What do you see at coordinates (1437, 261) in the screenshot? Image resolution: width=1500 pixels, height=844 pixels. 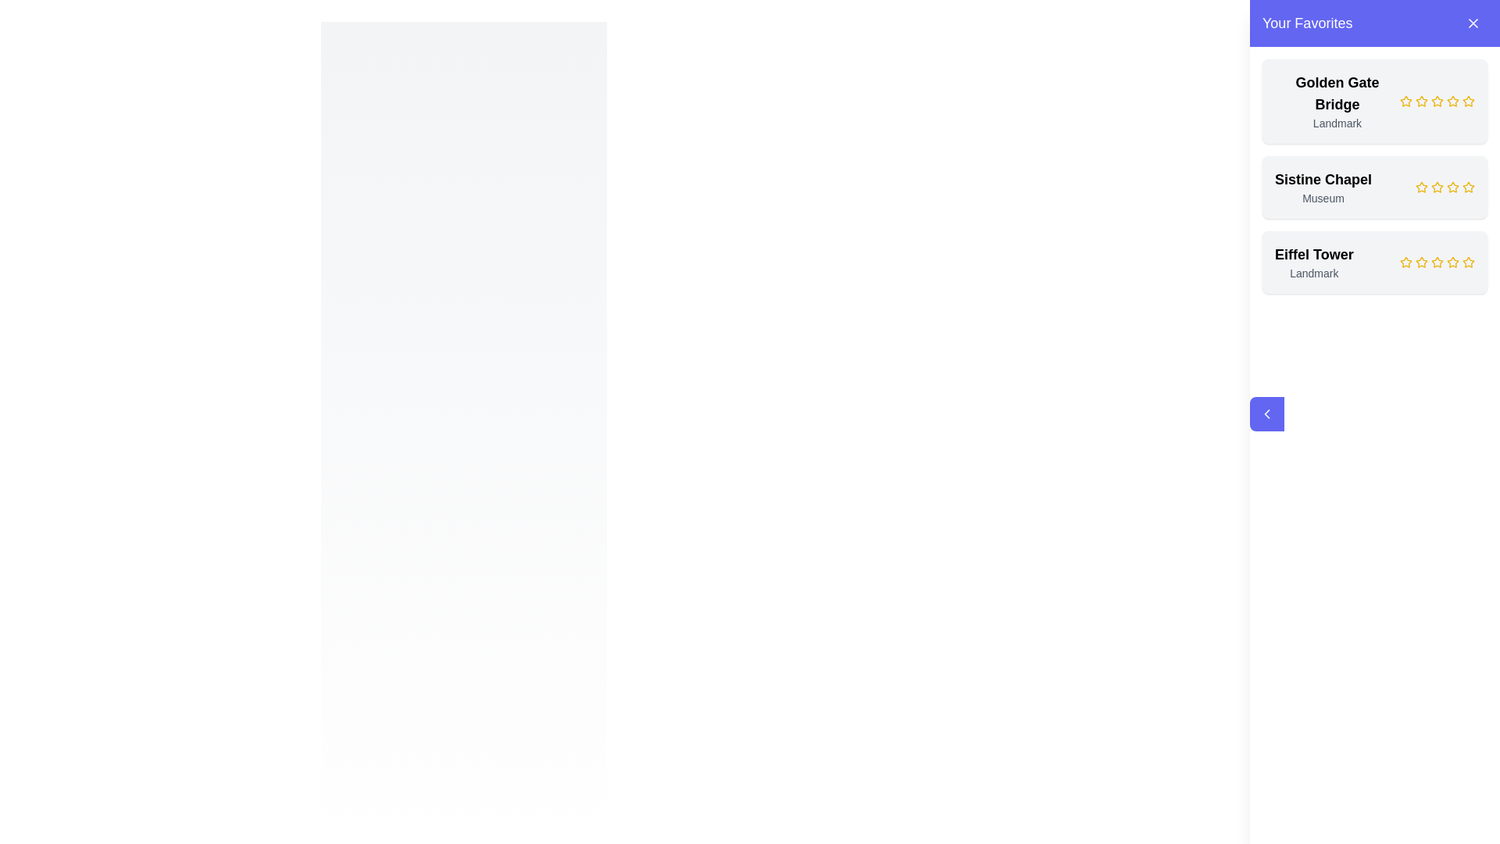 I see `the fourth star icon` at bounding box center [1437, 261].